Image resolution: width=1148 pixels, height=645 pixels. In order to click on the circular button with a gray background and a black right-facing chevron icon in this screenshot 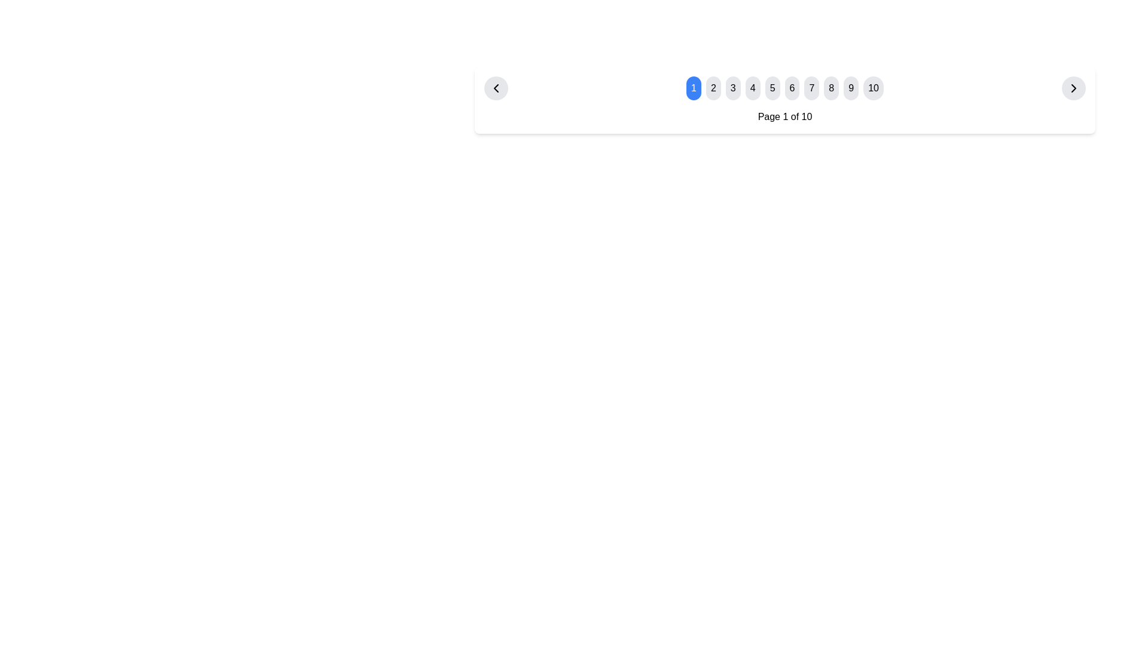, I will do `click(1073, 87)`.